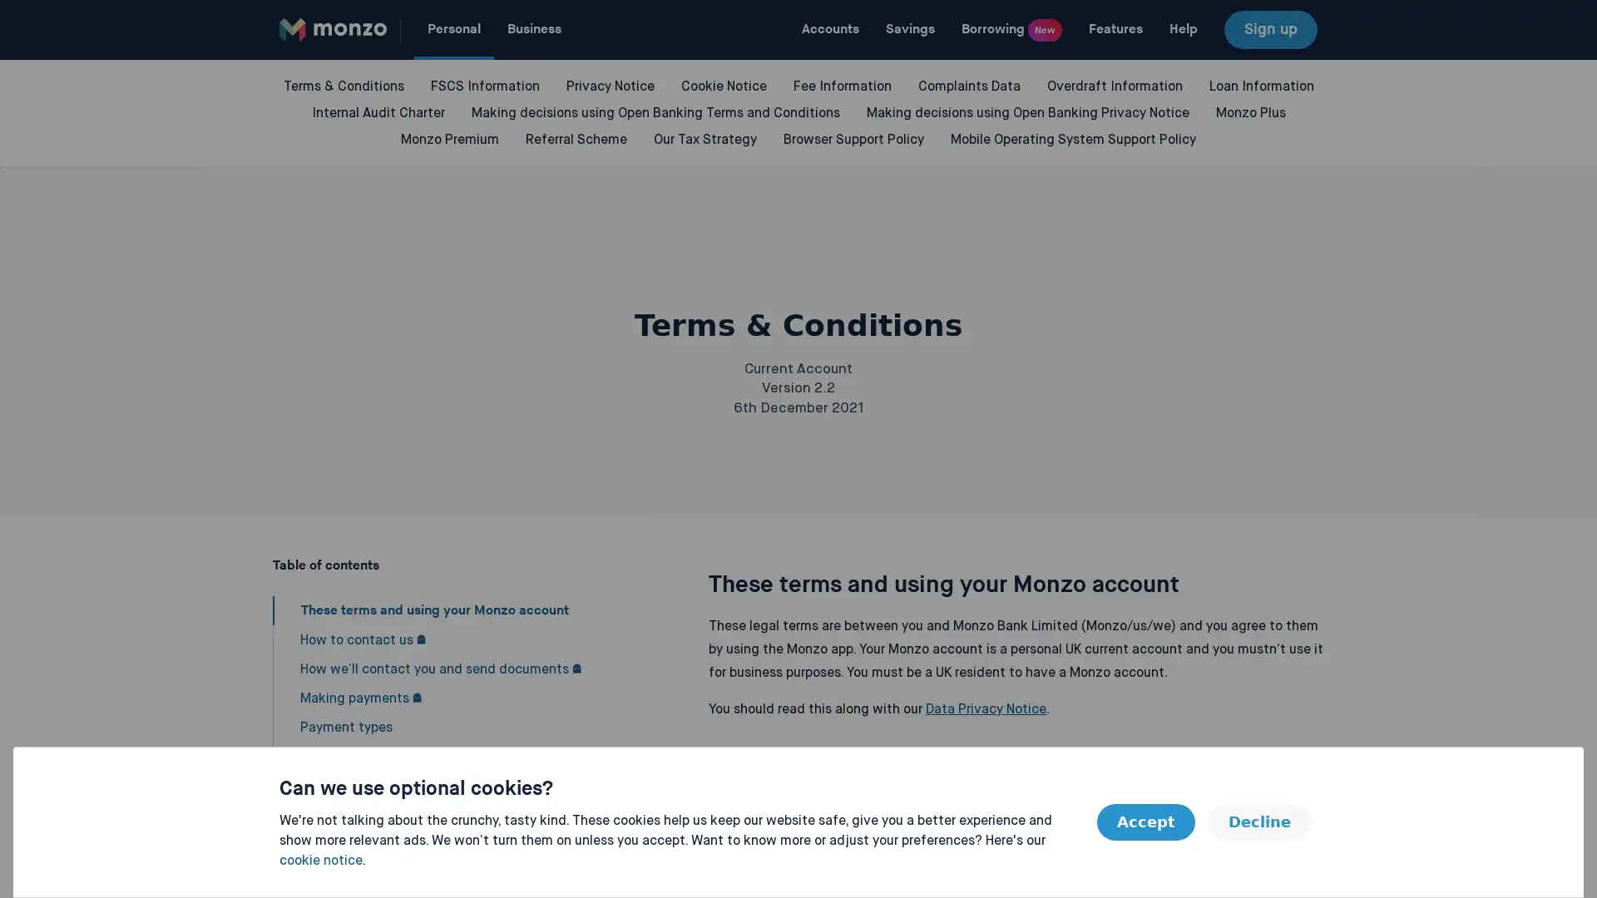  I want to click on Borrowing New, so click(1011, 29).